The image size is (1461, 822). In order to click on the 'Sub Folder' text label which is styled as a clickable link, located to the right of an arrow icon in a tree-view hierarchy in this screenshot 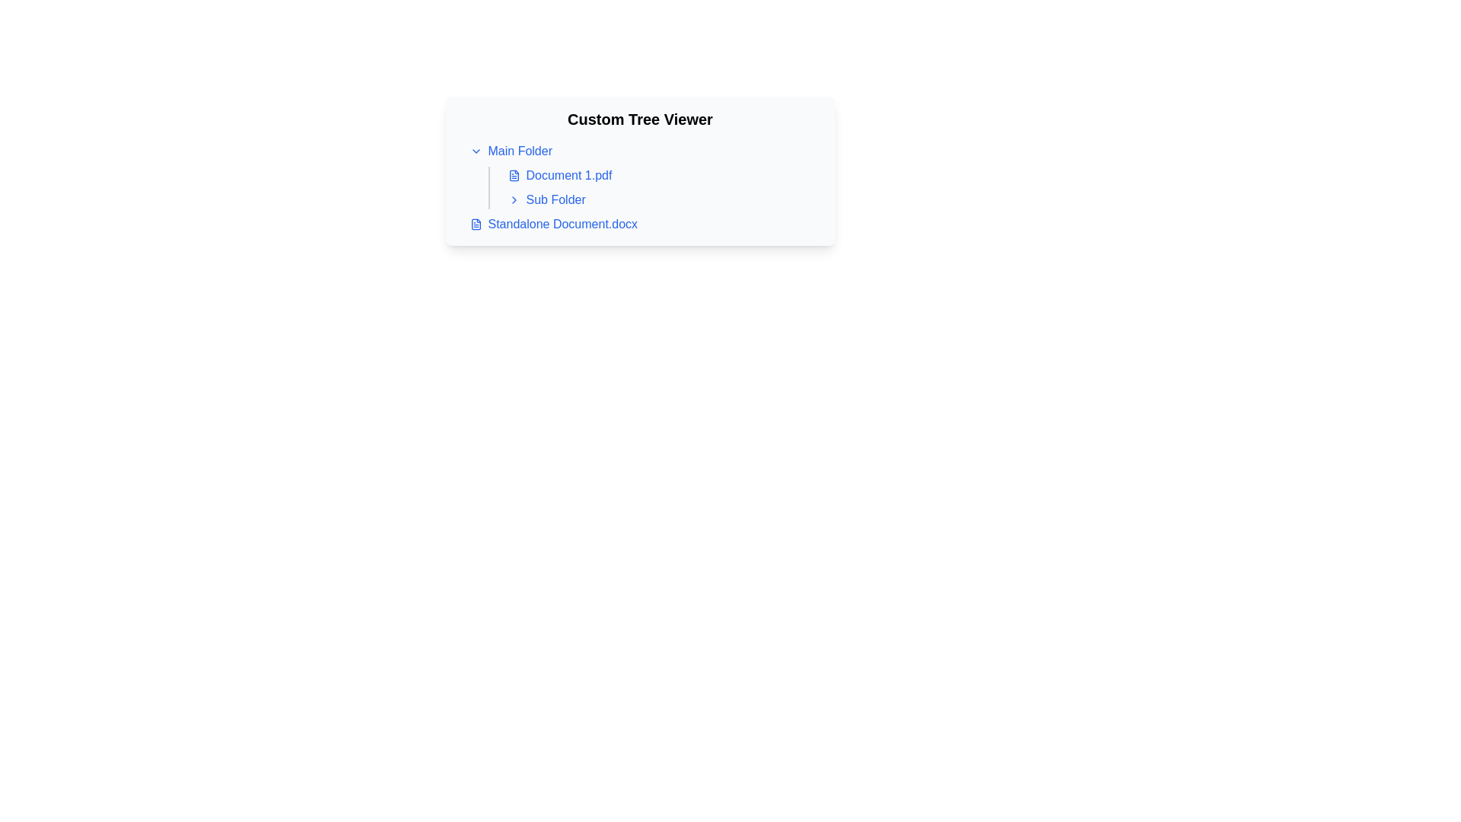, I will do `click(555, 199)`.